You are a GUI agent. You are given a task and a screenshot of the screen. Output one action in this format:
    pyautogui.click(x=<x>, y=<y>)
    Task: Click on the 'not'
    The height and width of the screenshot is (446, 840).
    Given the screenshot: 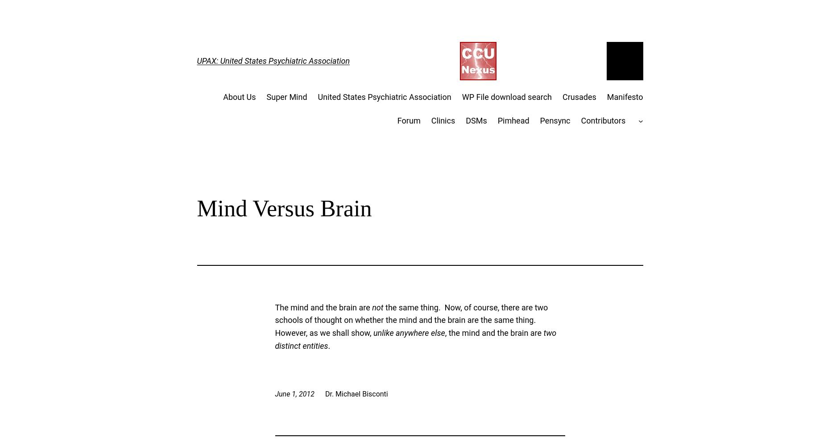 What is the action you would take?
    pyautogui.click(x=371, y=307)
    